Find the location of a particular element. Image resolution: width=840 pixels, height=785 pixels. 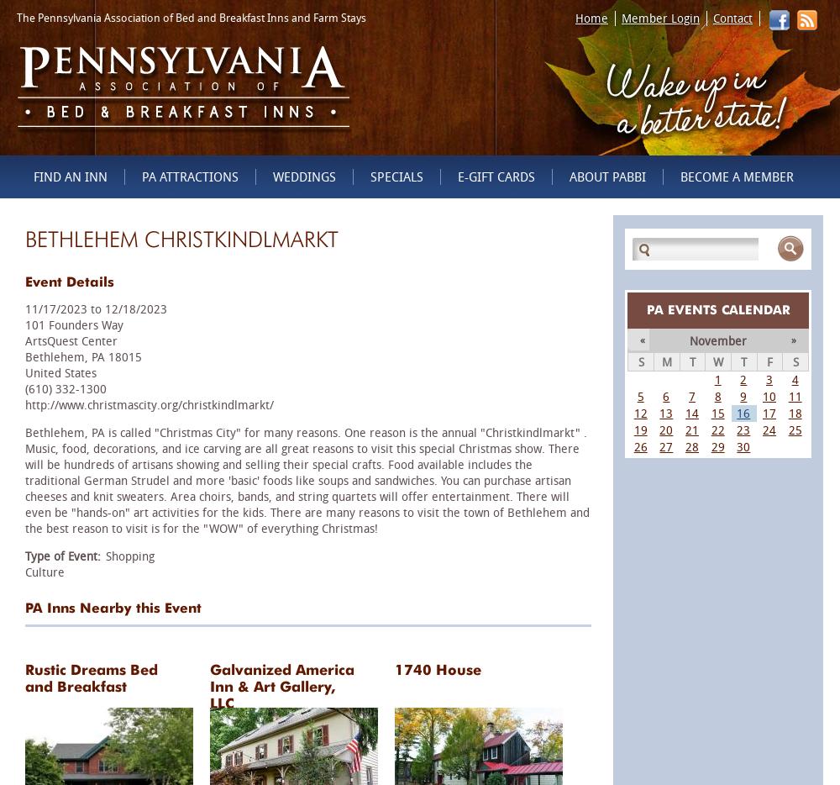

'29' is located at coordinates (710, 445).